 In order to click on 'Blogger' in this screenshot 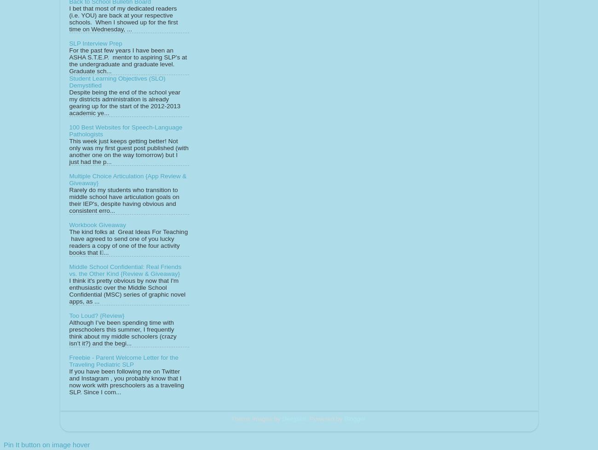, I will do `click(354, 418)`.